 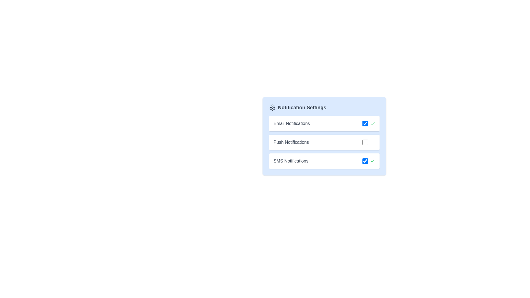 What do you see at coordinates (365, 161) in the screenshot?
I see `the small square checkbox with a blue background and a white checkmark` at bounding box center [365, 161].